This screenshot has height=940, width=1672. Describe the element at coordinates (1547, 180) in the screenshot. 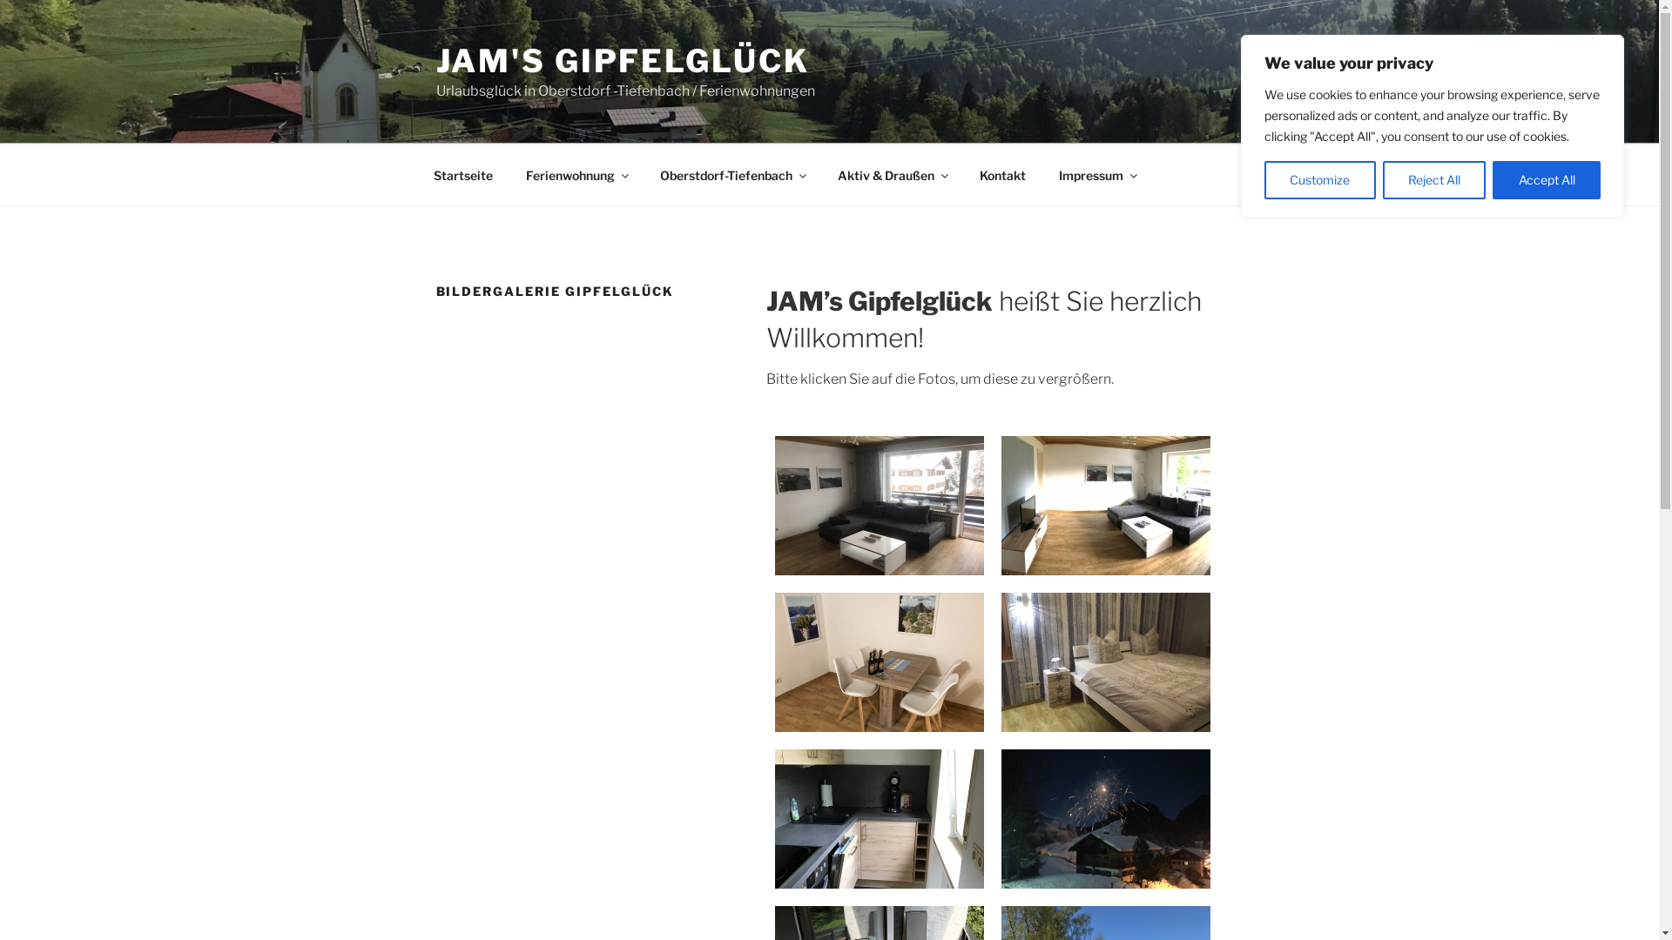

I see `'Accept All'` at that location.